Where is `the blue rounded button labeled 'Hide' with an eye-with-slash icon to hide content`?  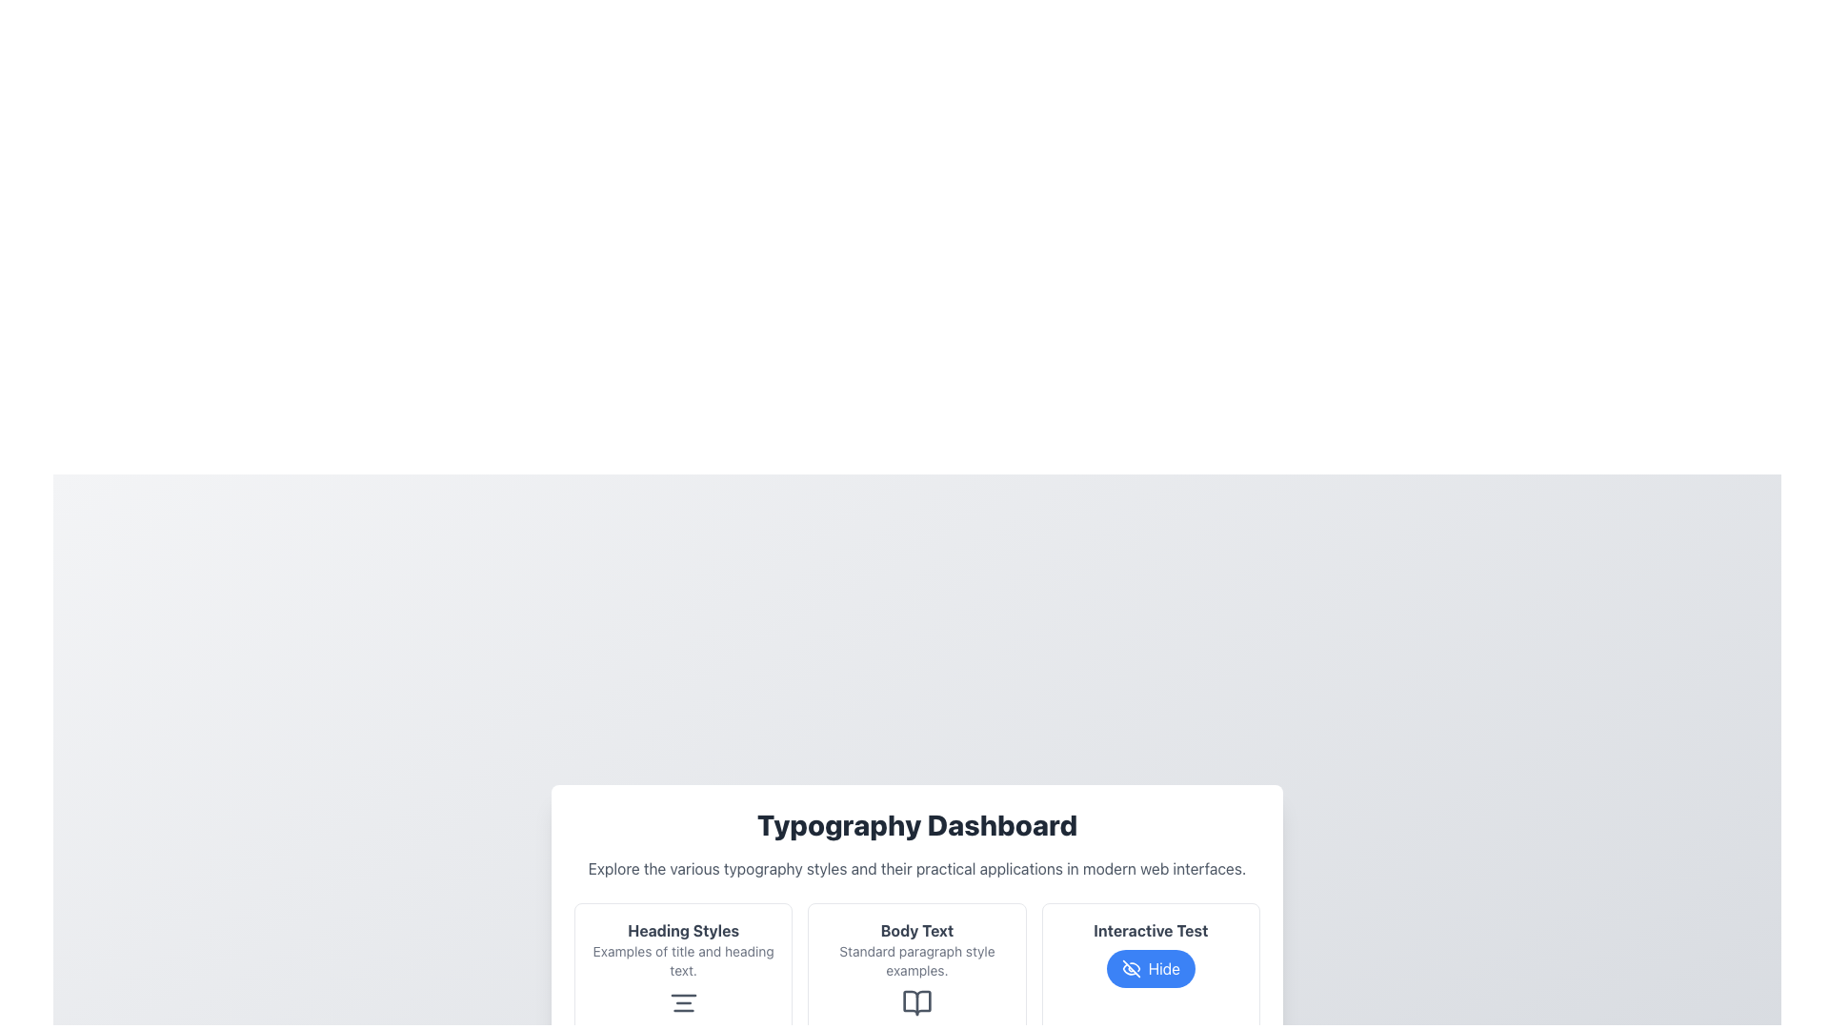
the blue rounded button labeled 'Hide' with an eye-with-slash icon to hide content is located at coordinates (1150, 969).